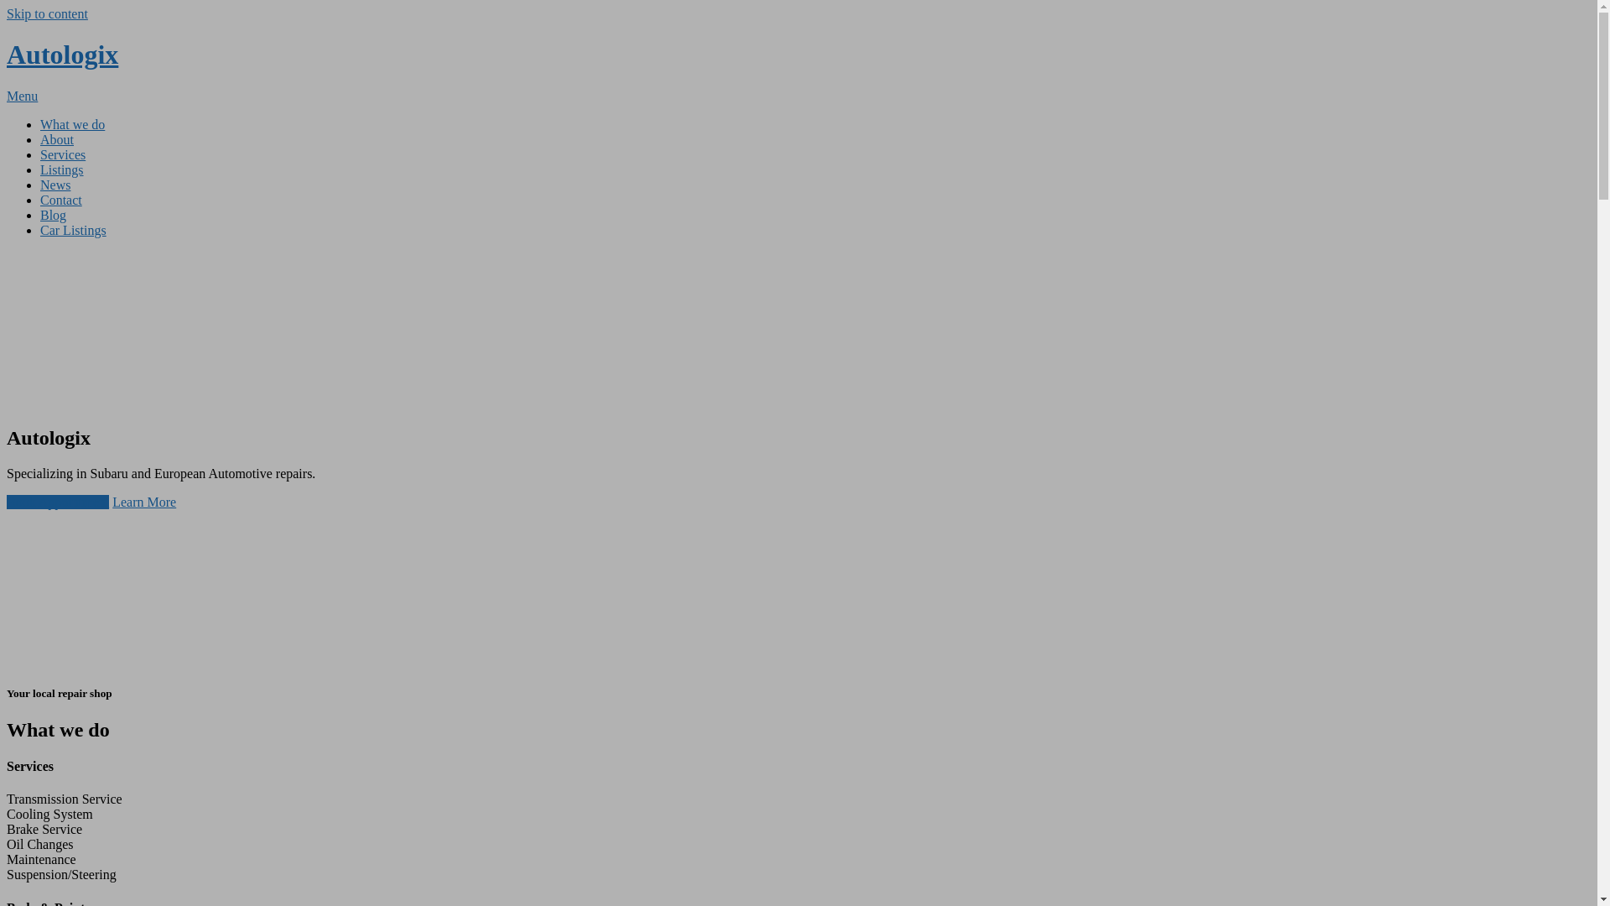  I want to click on 'Car Listings', so click(72, 230).